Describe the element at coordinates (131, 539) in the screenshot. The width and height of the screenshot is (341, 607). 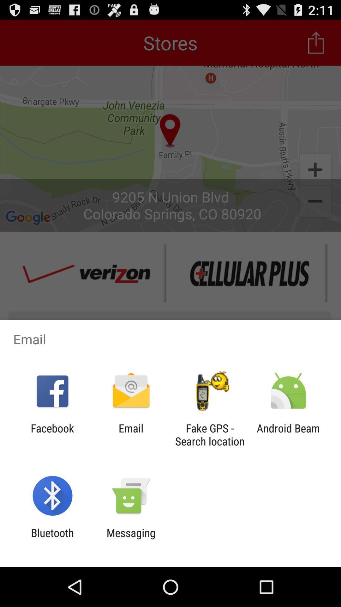
I see `item to the right of bluetooth app` at that location.